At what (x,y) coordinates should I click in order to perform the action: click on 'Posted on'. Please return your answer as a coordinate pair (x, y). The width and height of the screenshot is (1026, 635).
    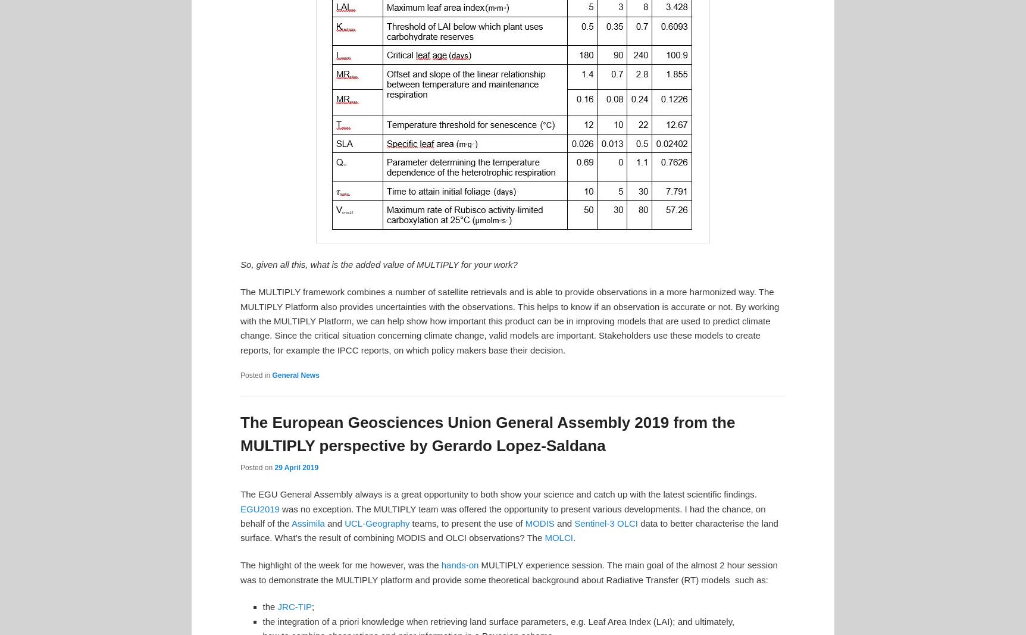
    Looking at the image, I should click on (257, 466).